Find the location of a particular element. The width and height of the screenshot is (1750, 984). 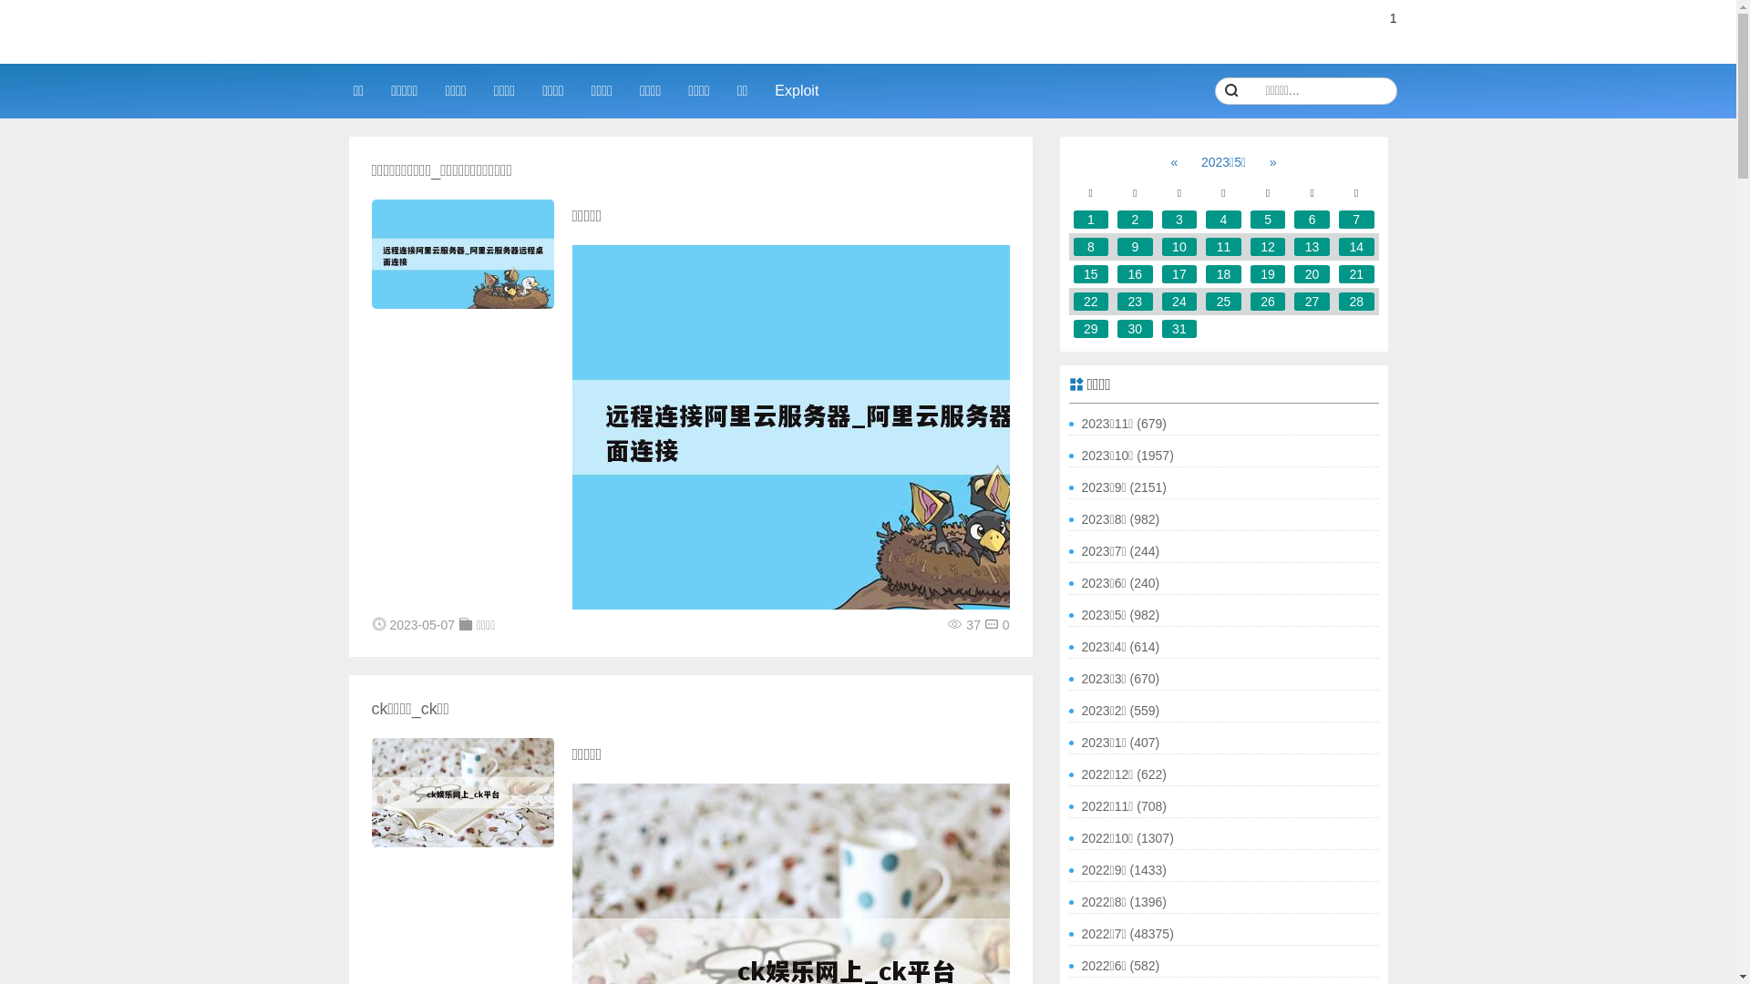

'13' is located at coordinates (1293, 246).